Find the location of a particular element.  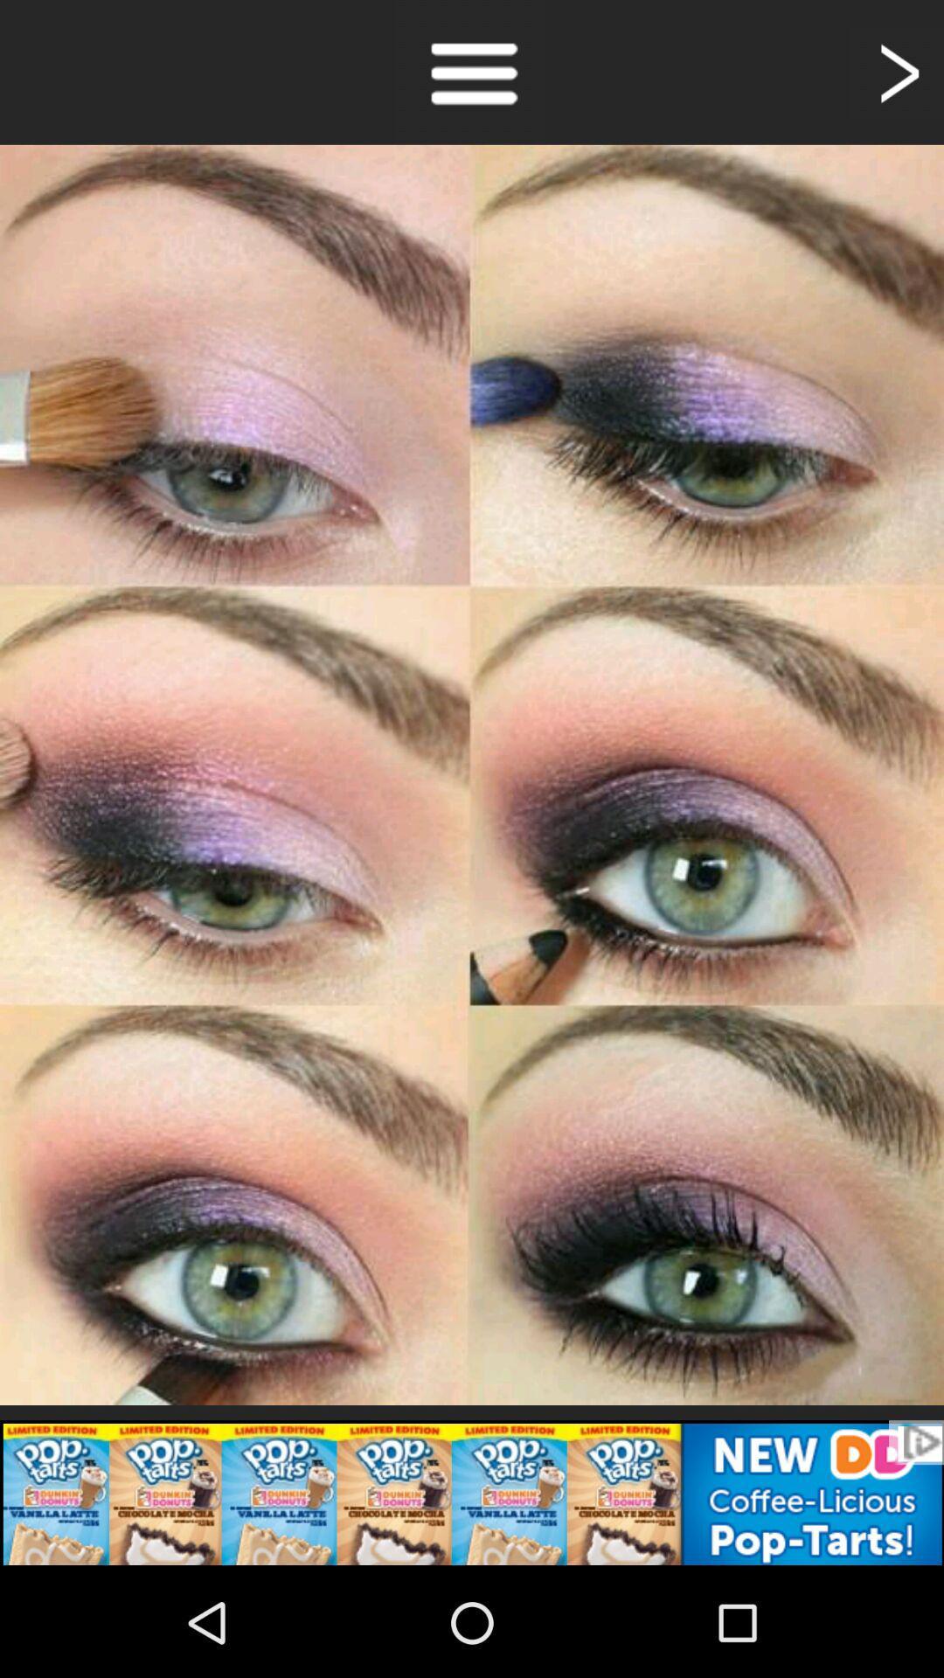

the menu icon is located at coordinates (472, 76).